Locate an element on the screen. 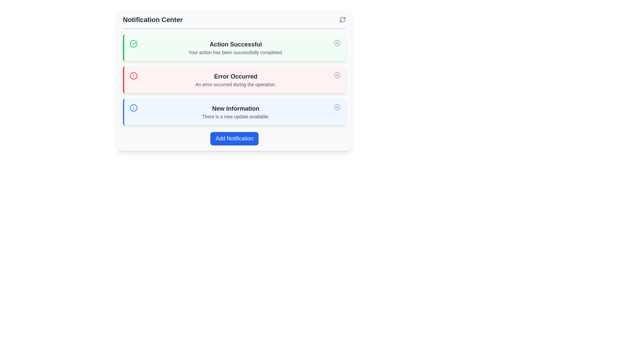 This screenshot has height=361, width=643. information provided in the text label that states 'There is a new update available.' located below the title 'New Information' in the third notification box of the 'Notification Center' is located at coordinates (236, 116).